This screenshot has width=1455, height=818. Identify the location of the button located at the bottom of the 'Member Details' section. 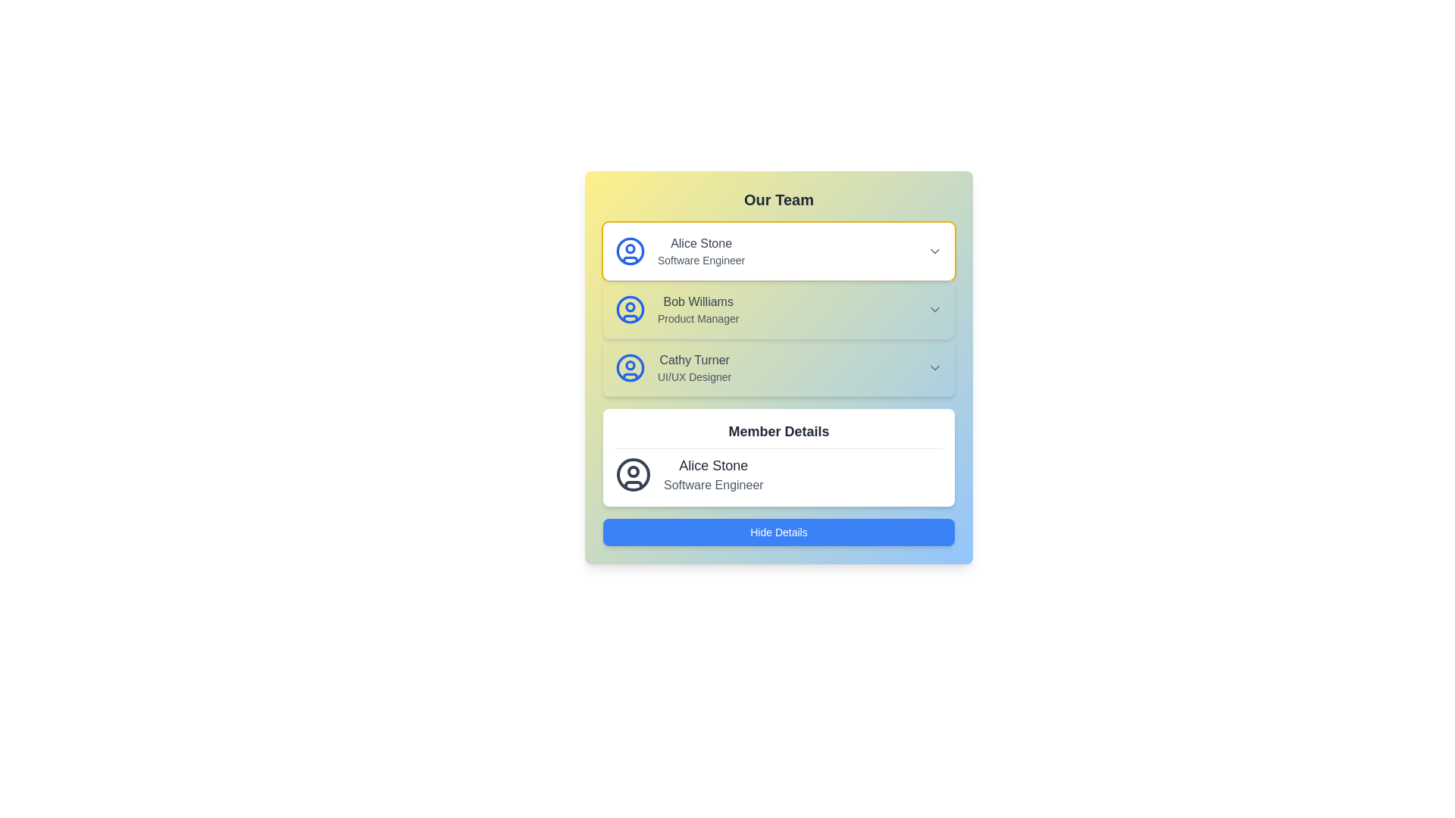
(778, 531).